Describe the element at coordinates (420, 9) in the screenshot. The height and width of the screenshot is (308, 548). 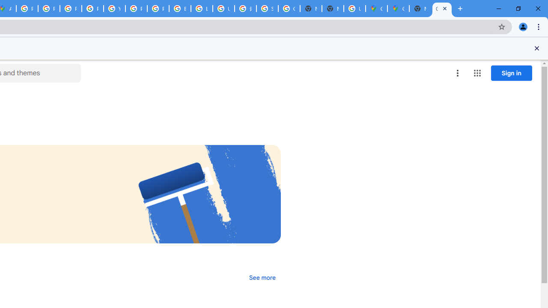
I see `'New Tab'` at that location.